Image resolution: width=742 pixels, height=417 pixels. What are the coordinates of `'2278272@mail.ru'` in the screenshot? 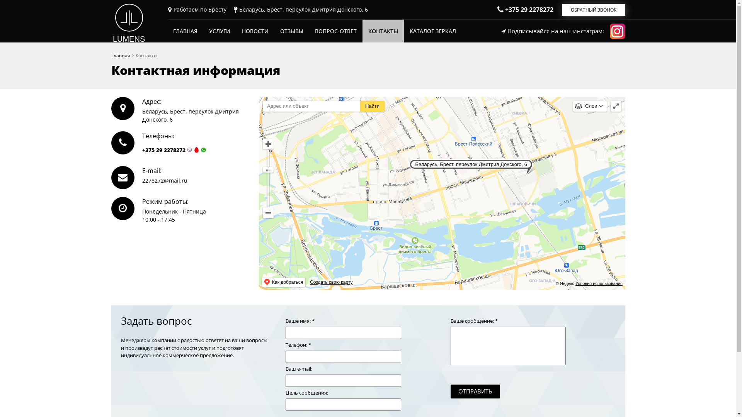 It's located at (164, 180).